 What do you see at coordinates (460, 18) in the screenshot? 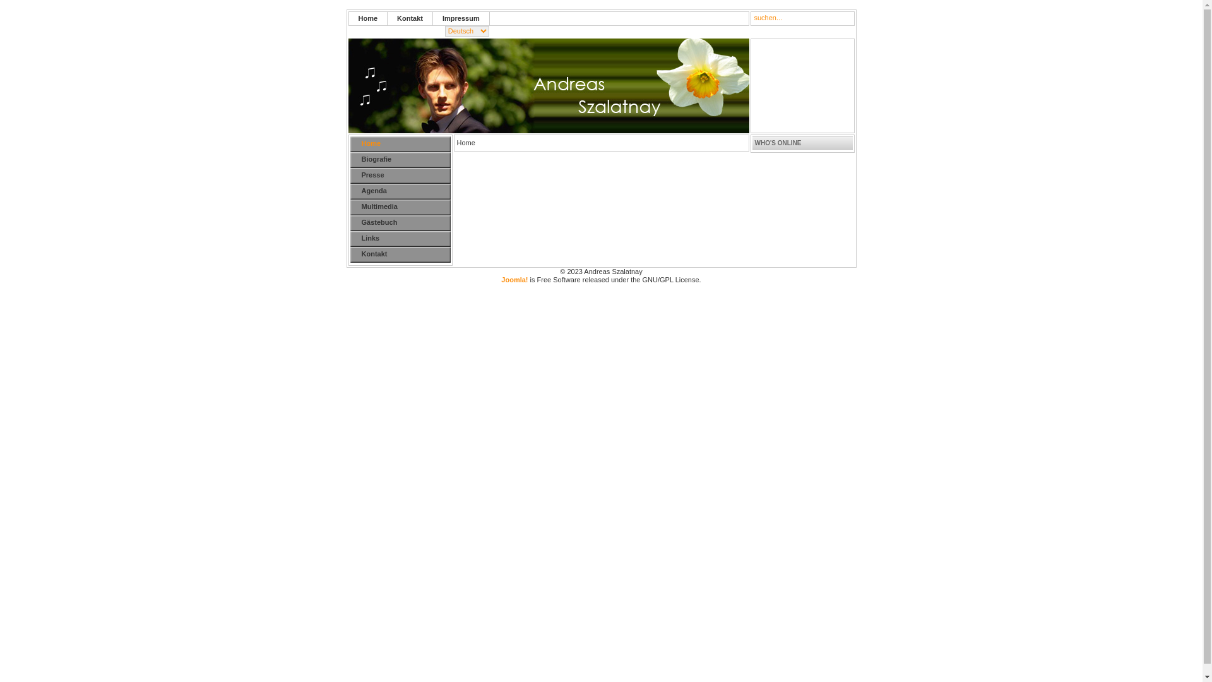
I see `'Impressum'` at bounding box center [460, 18].